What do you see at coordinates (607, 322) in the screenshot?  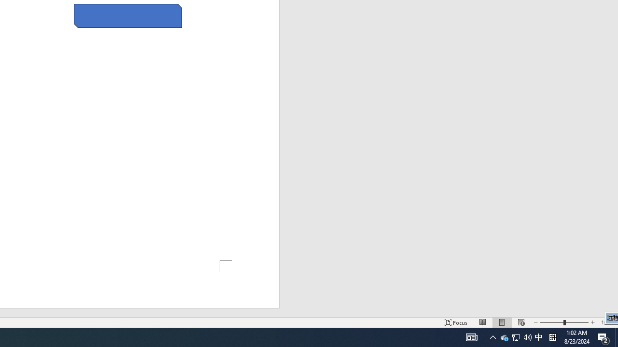 I see `'Zoom 104%'` at bounding box center [607, 322].